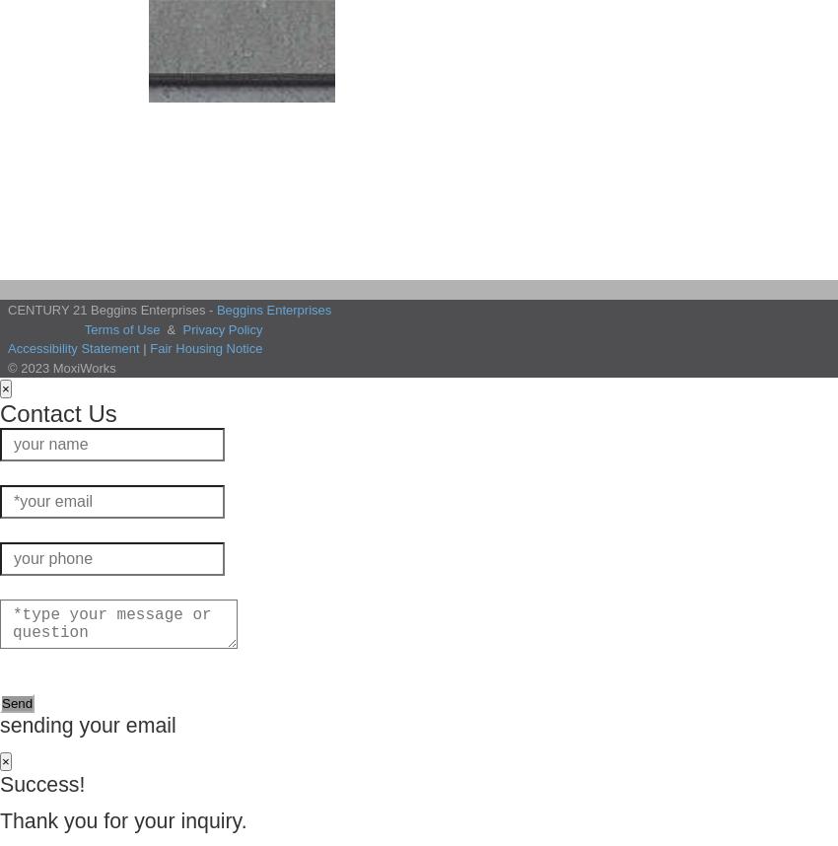 The height and width of the screenshot is (846, 838). Describe the element at coordinates (73, 348) in the screenshot. I see `'Accessibility Statement'` at that location.